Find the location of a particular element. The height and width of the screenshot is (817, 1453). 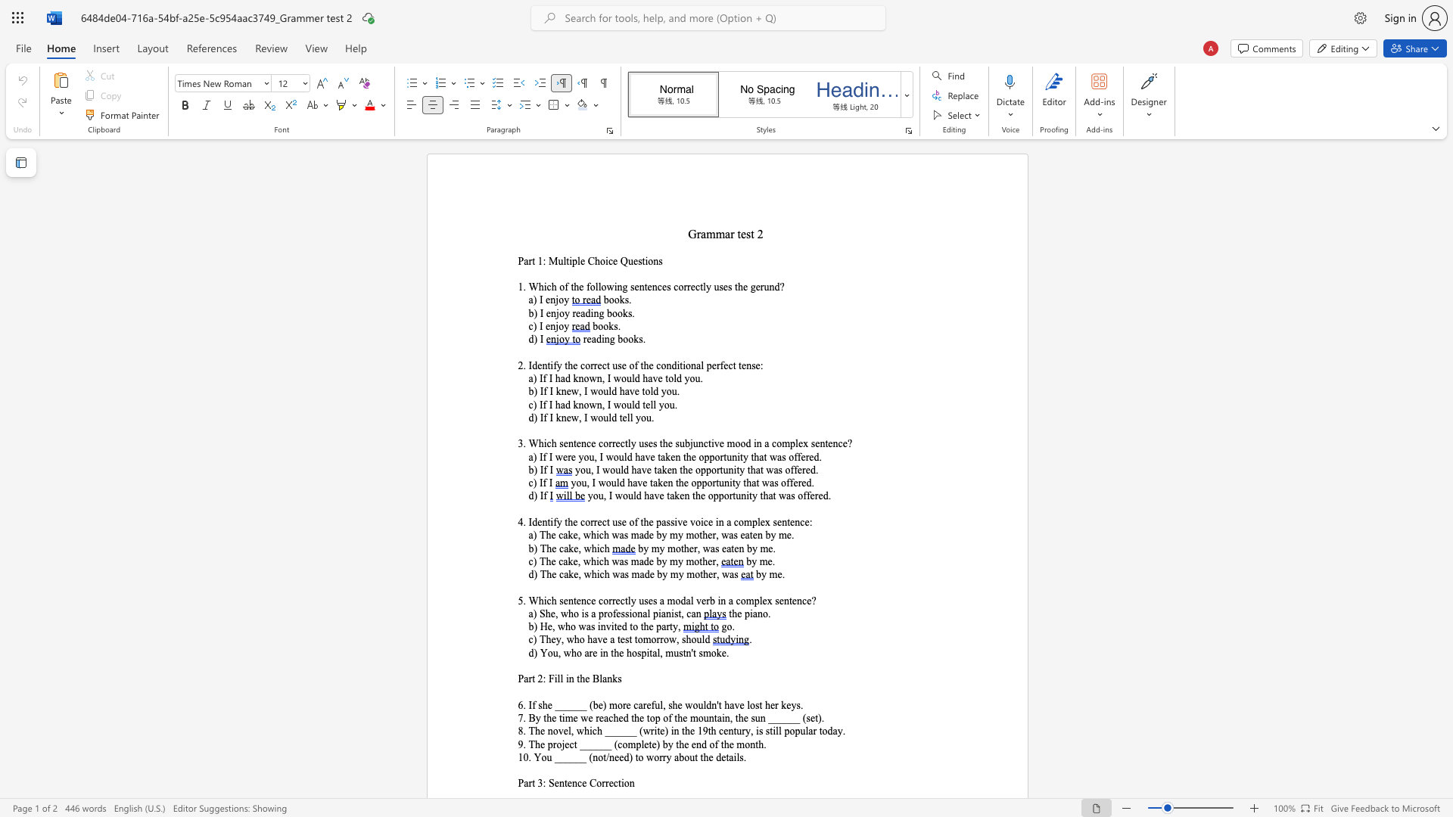

the subset text "The project ______ (compl" within the text "9. The project ______ (complete) by the end of the month." is located at coordinates (528, 743).